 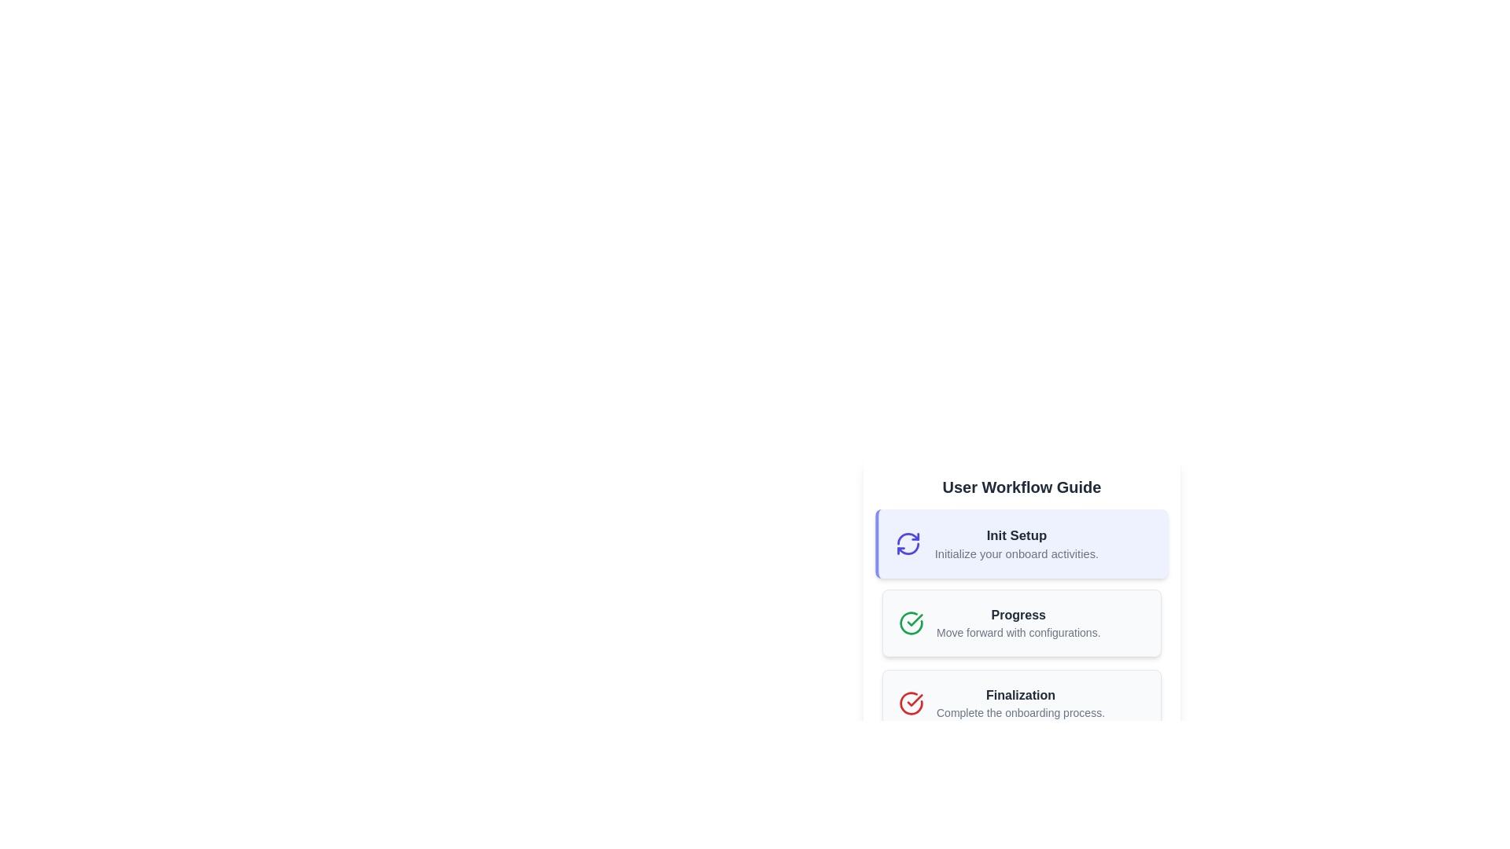 I want to click on the text element containing the phrase 'Complete the onboarding process.' which is styled with a smaller font size and gray color, positioned below the bolded text 'Finalization' in the 'User Workflow Guide' section, so click(x=1021, y=712).